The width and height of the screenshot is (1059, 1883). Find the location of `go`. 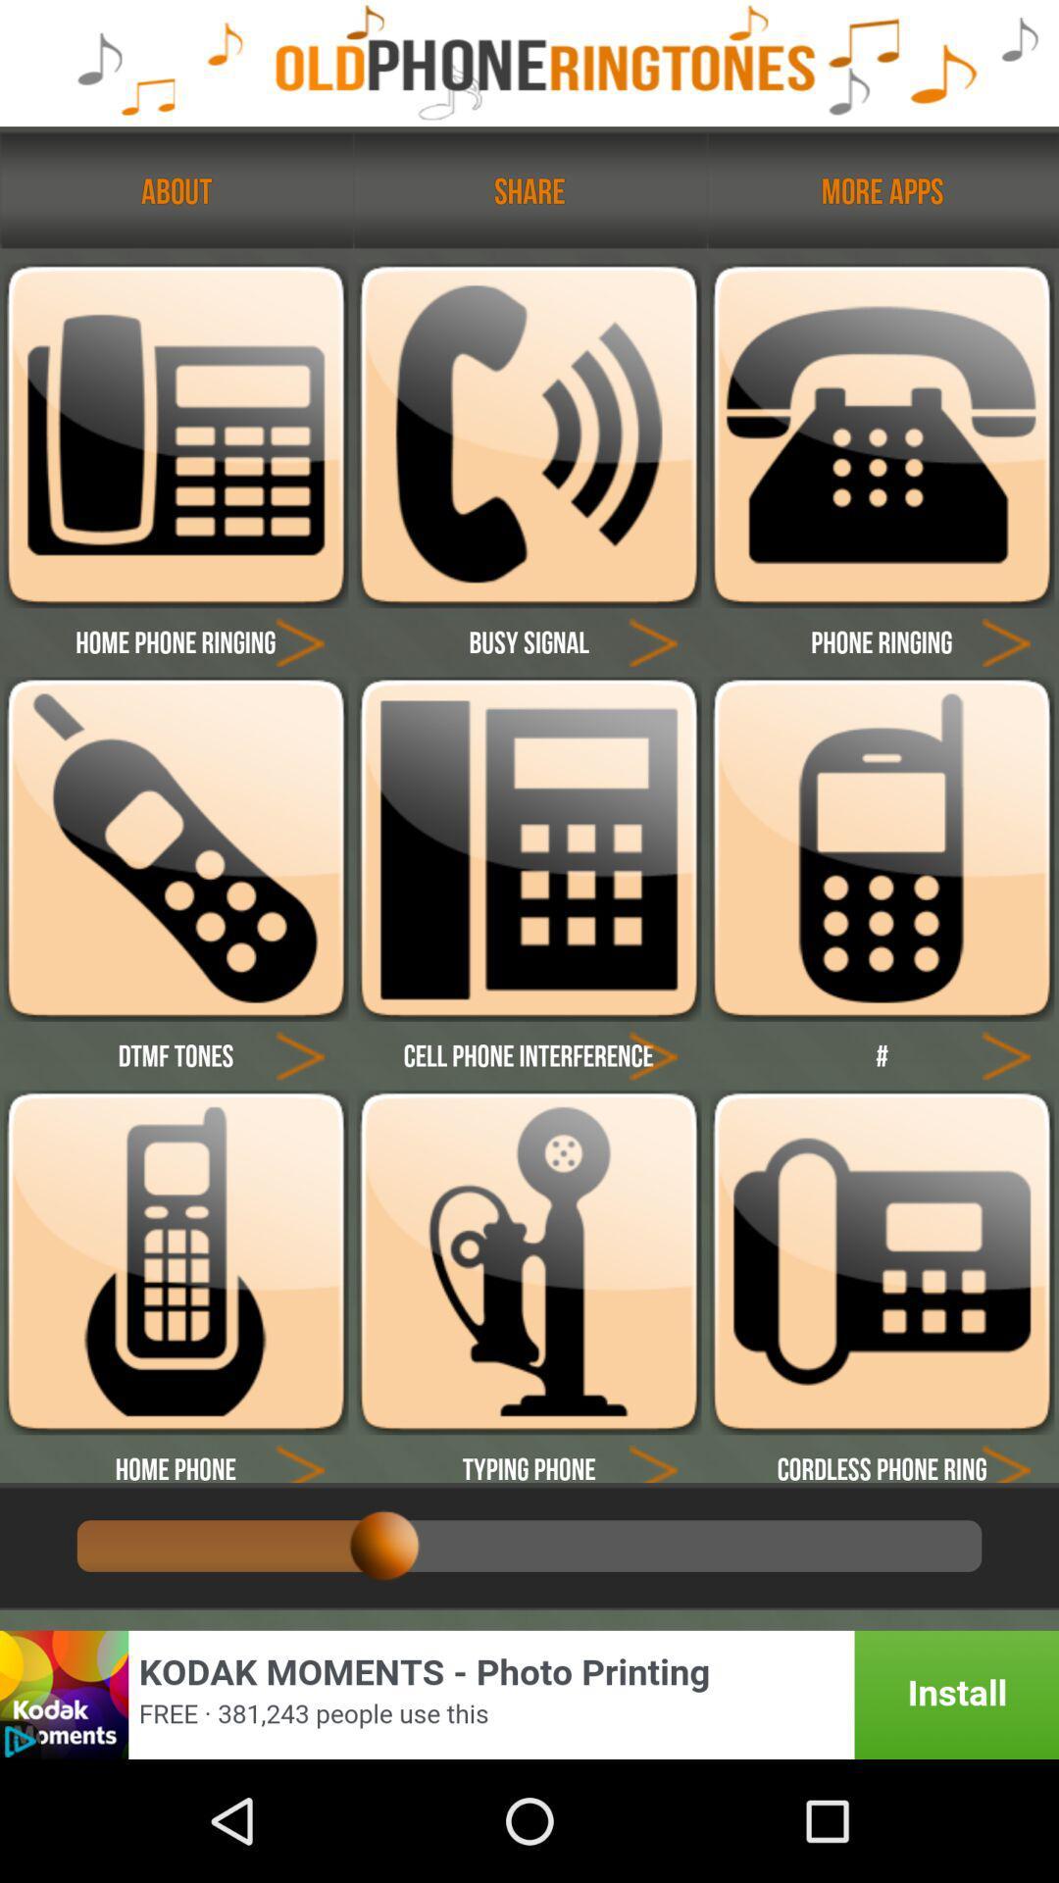

go is located at coordinates (653, 1053).